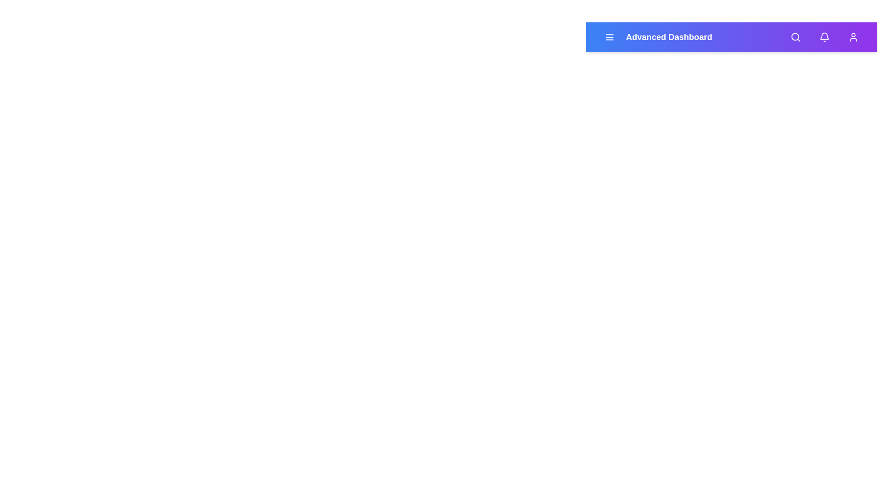  I want to click on the bell icon to view notifications, so click(825, 37).